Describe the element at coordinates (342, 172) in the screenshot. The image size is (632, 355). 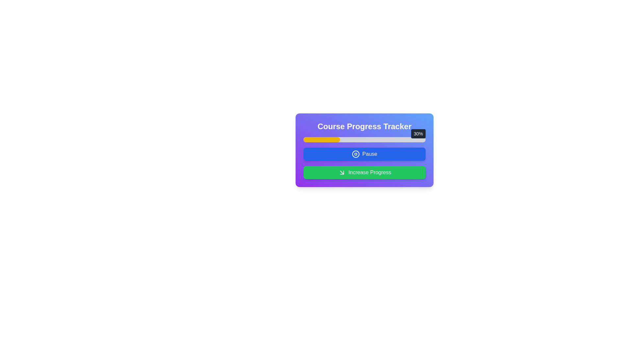
I see `the downward-right arrow icon inside the green 'Increase Progress' button located at the bottom of the interface` at that location.